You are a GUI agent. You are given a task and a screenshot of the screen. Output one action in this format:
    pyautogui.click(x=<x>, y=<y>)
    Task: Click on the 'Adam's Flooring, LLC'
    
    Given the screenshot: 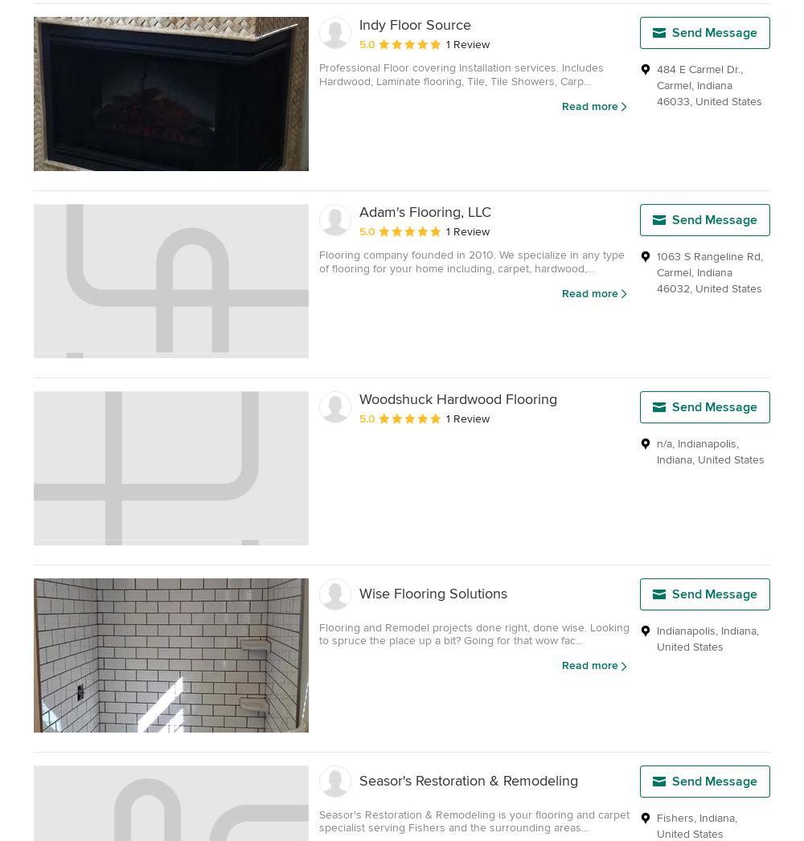 What is the action you would take?
    pyautogui.click(x=425, y=211)
    